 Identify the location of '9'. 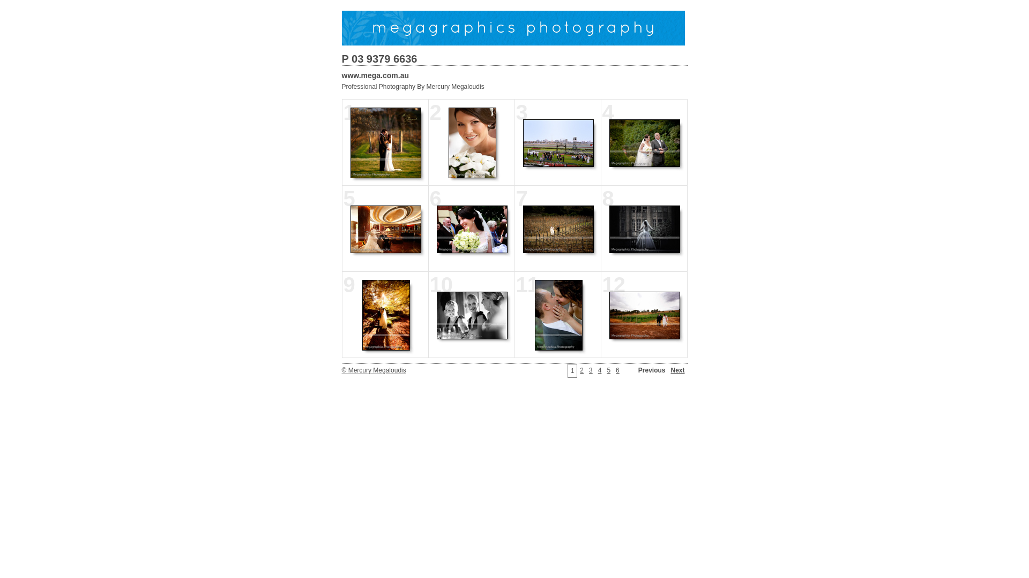
(385, 314).